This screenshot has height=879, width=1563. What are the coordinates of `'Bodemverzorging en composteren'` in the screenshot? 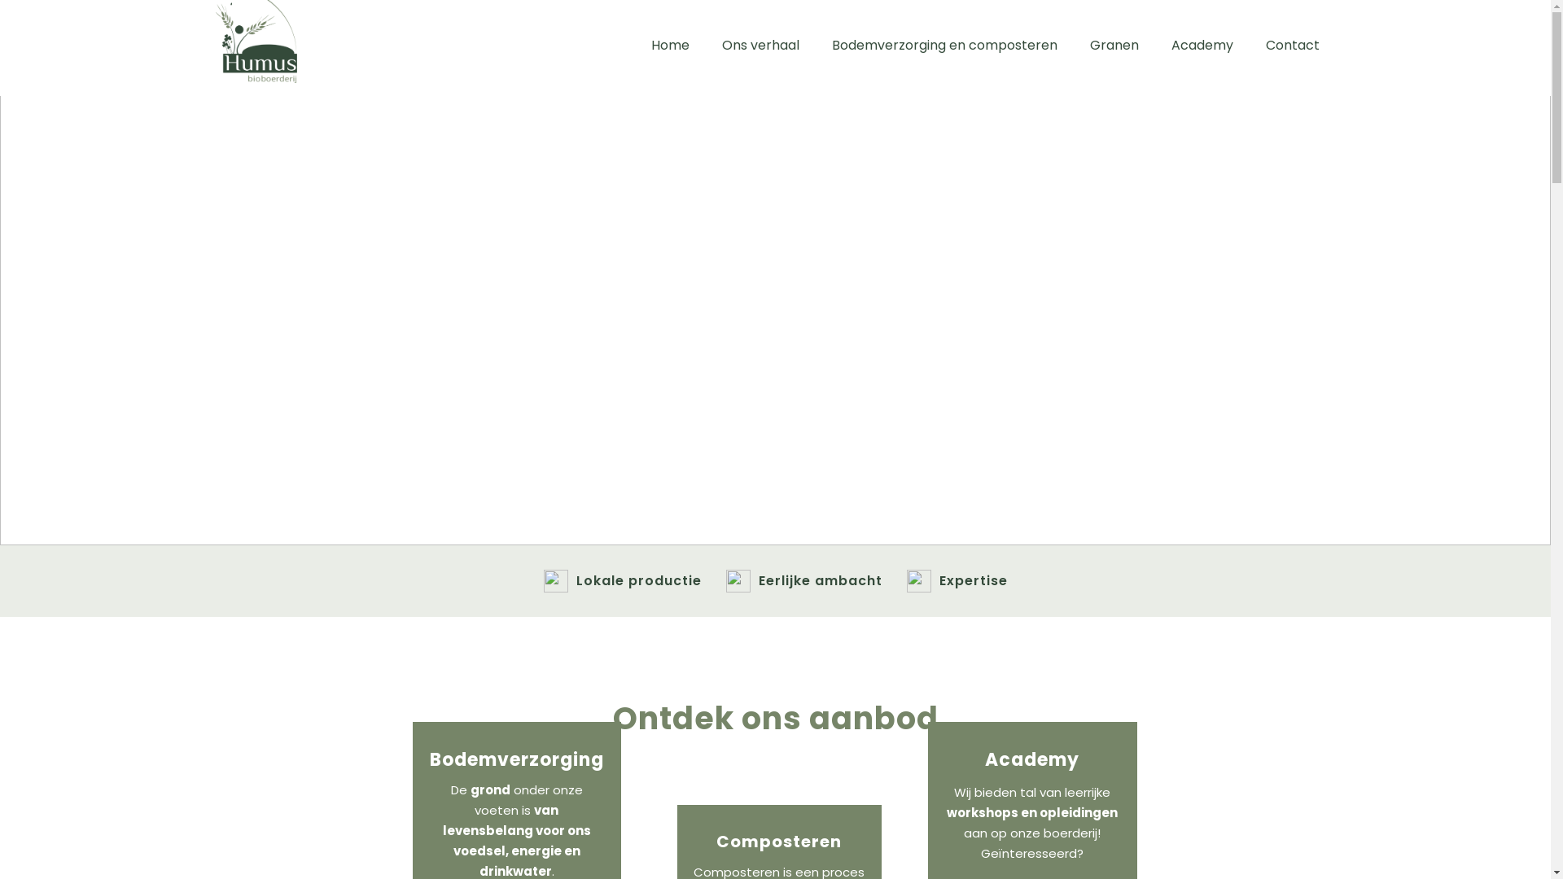 It's located at (944, 45).